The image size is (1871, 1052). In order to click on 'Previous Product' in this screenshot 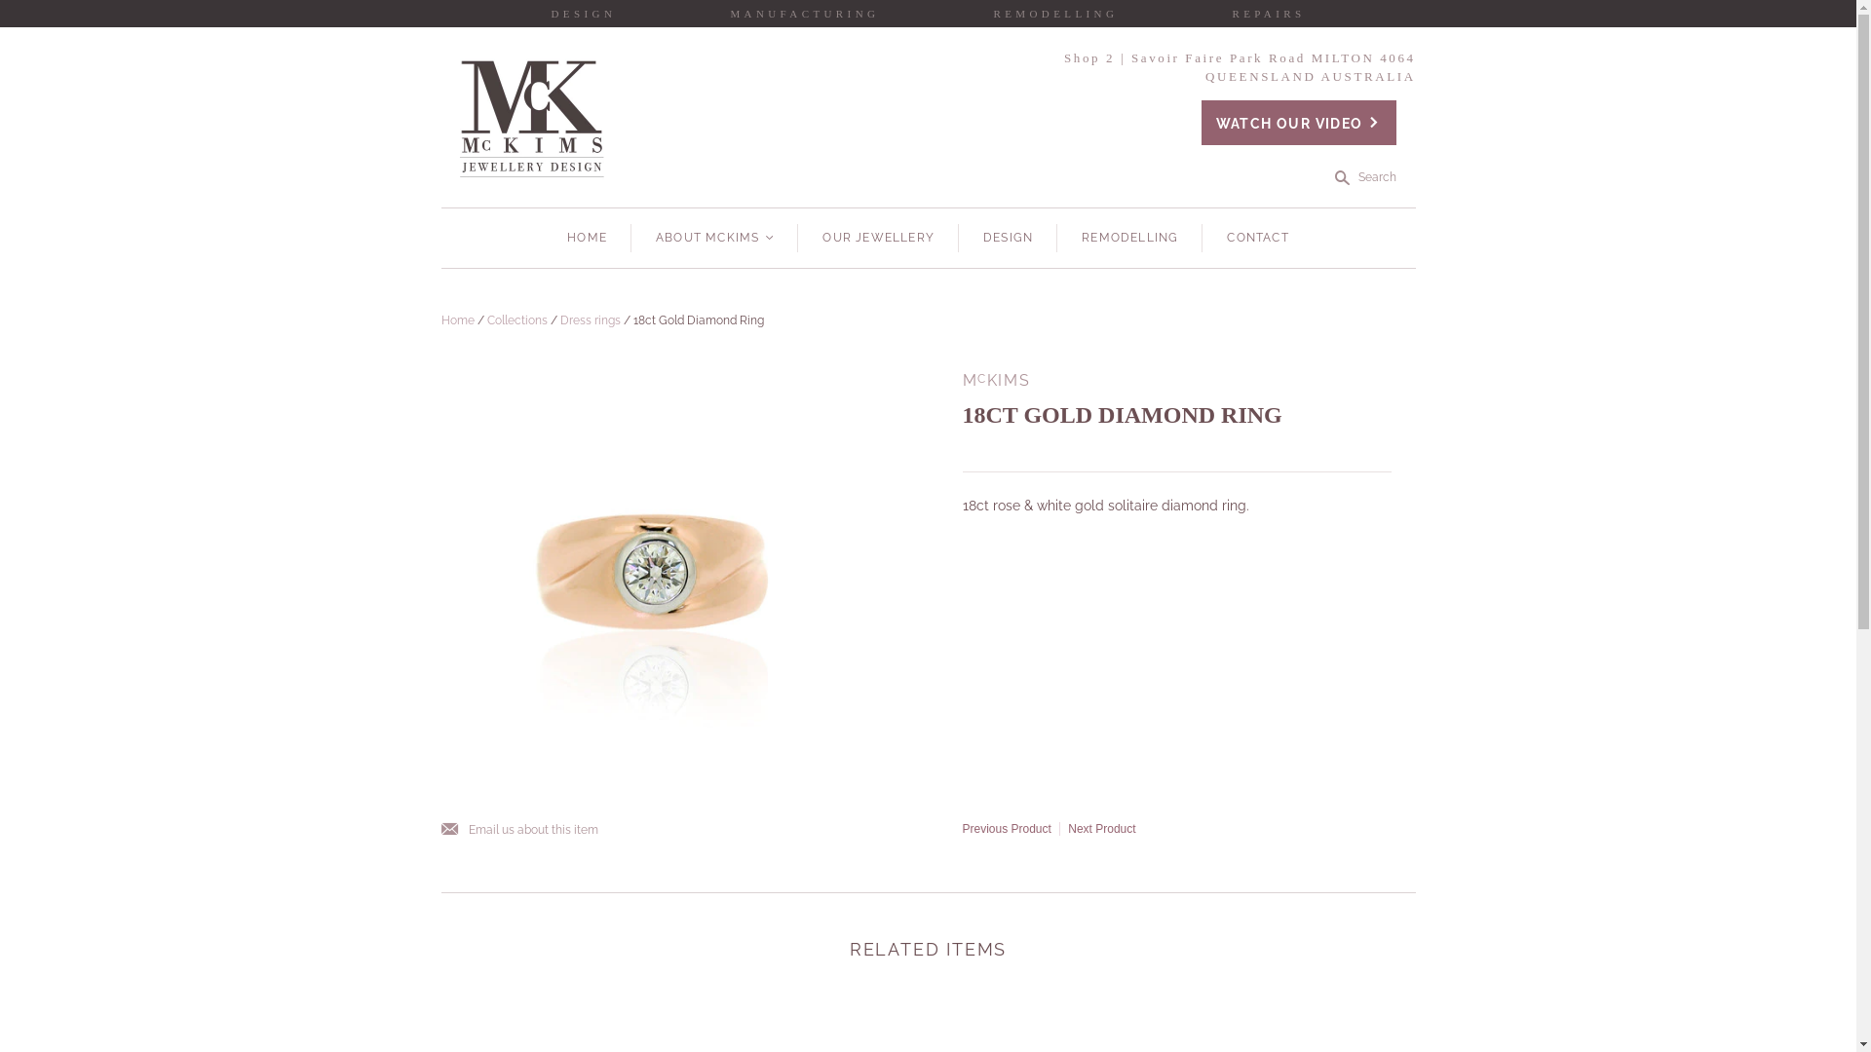, I will do `click(1007, 829)`.